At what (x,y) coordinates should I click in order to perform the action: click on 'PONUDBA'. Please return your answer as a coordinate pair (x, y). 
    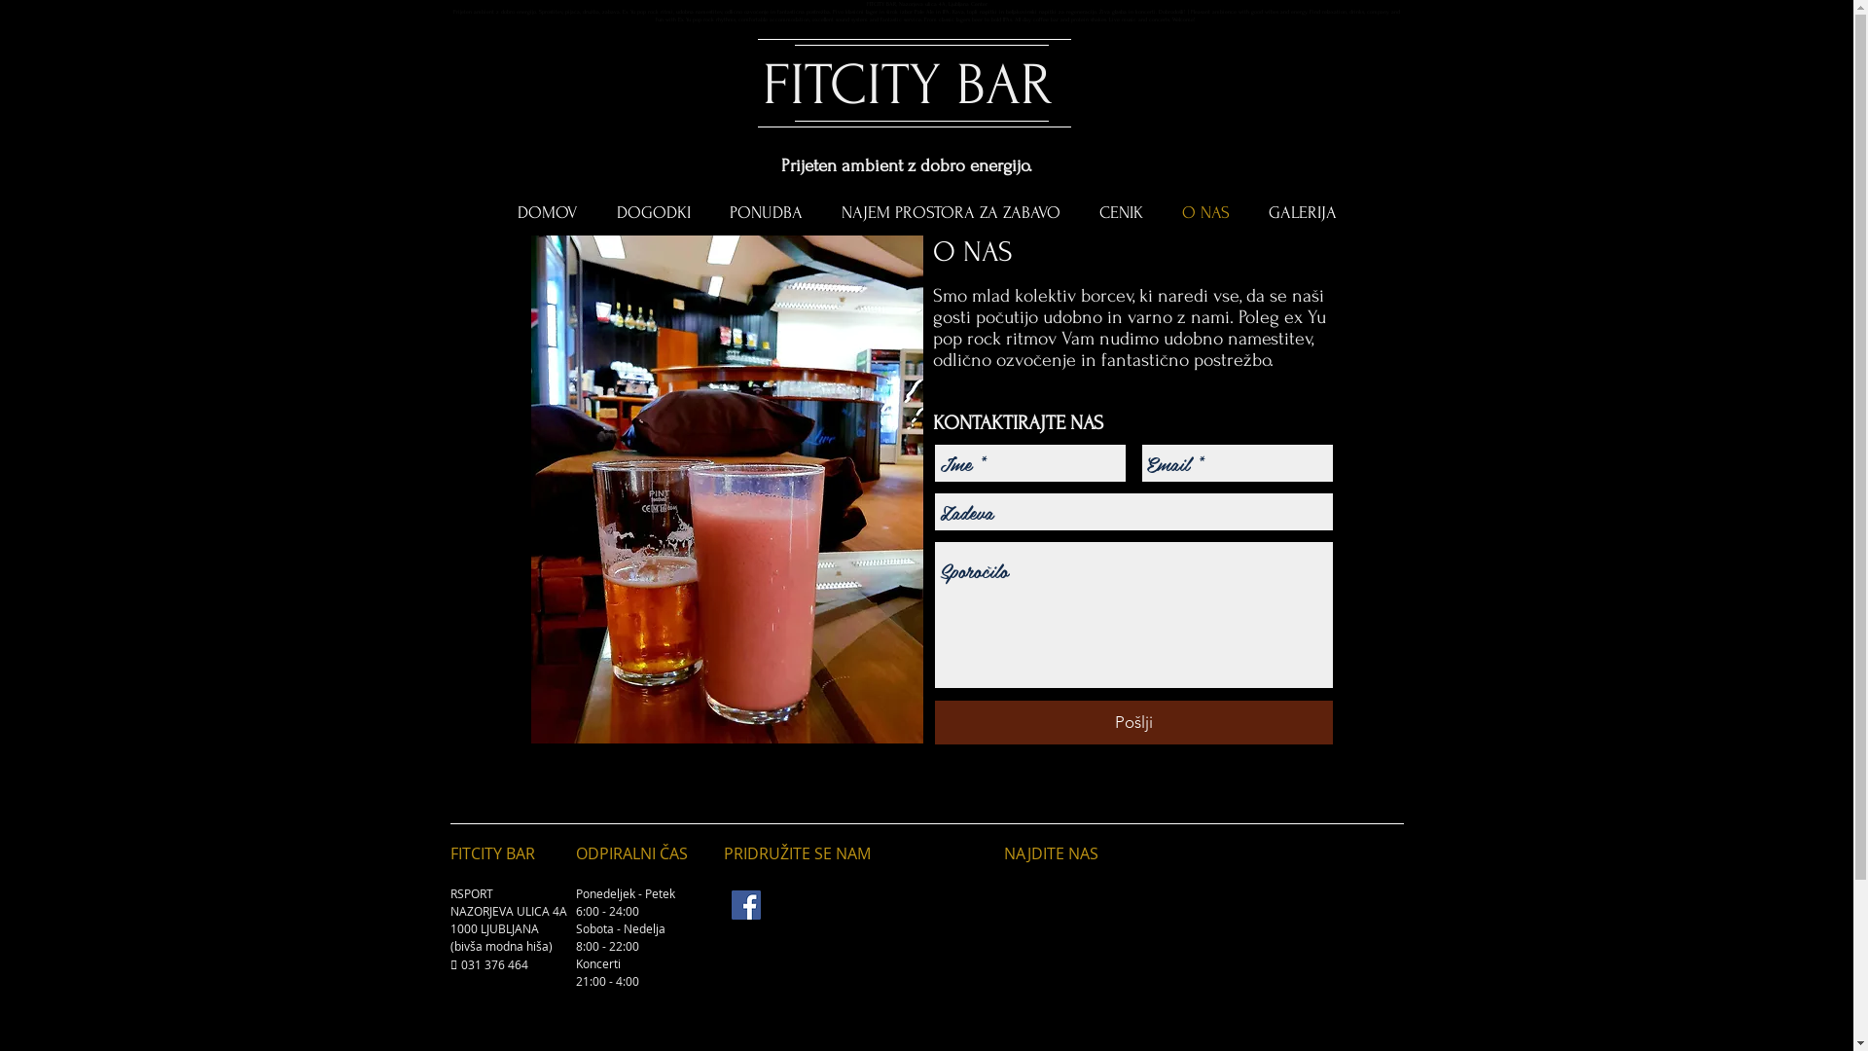
    Looking at the image, I should click on (765, 213).